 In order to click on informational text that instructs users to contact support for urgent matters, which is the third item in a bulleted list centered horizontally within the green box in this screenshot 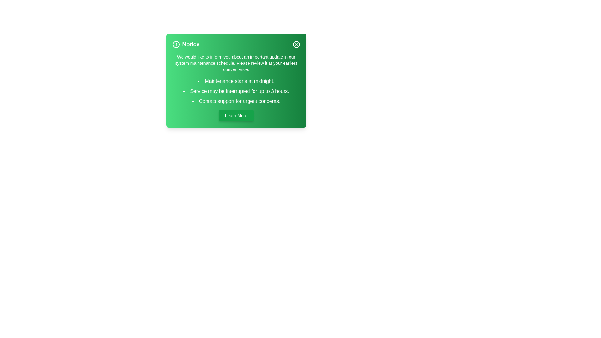, I will do `click(236, 101)`.